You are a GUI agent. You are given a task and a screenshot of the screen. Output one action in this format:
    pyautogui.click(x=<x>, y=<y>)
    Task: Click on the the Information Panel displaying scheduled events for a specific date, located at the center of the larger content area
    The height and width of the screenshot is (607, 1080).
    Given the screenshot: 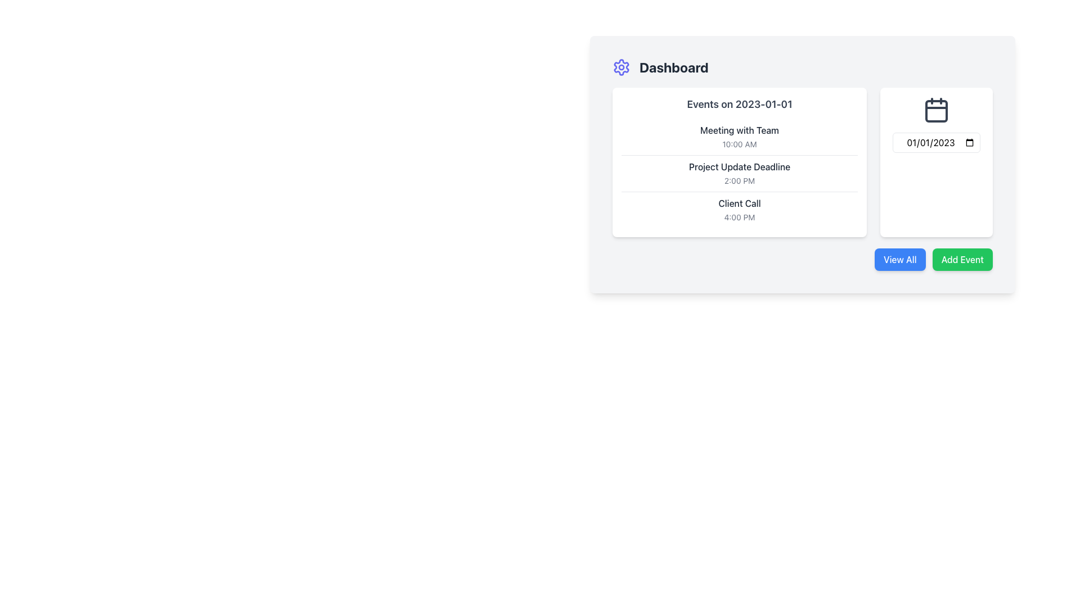 What is the action you would take?
    pyautogui.click(x=740, y=162)
    